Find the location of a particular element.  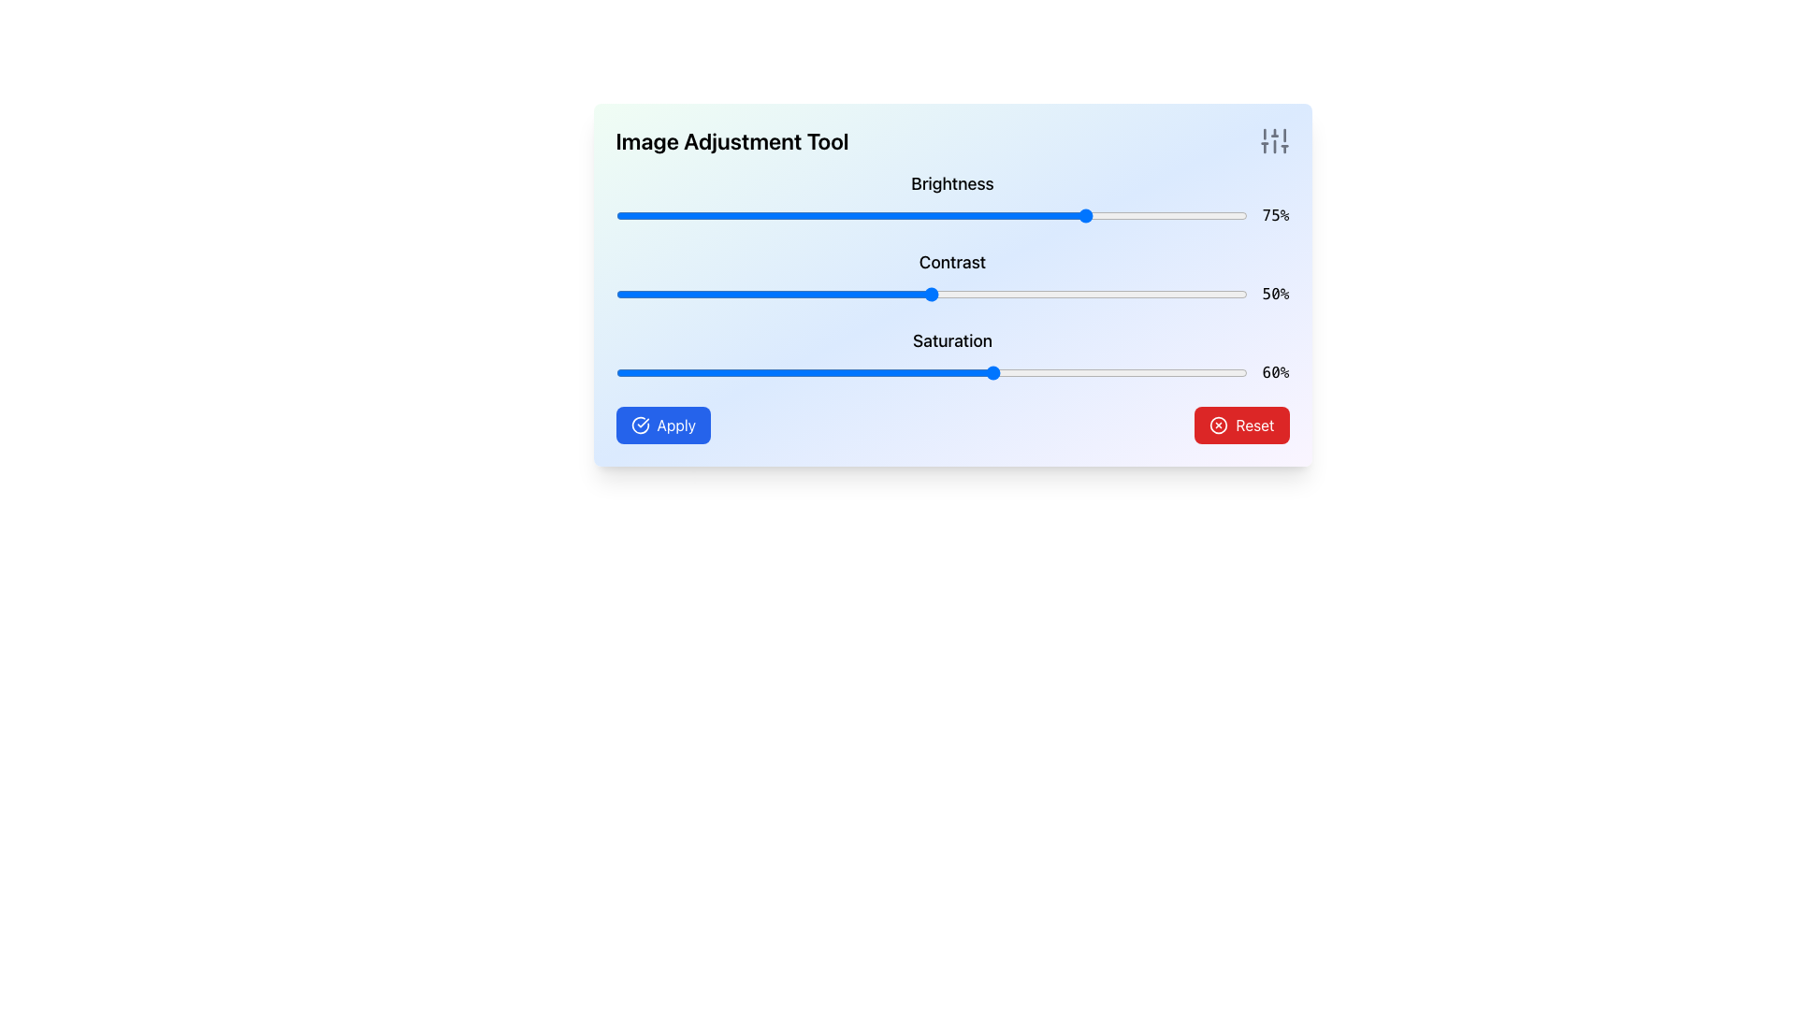

the saturation is located at coordinates (1007, 372).